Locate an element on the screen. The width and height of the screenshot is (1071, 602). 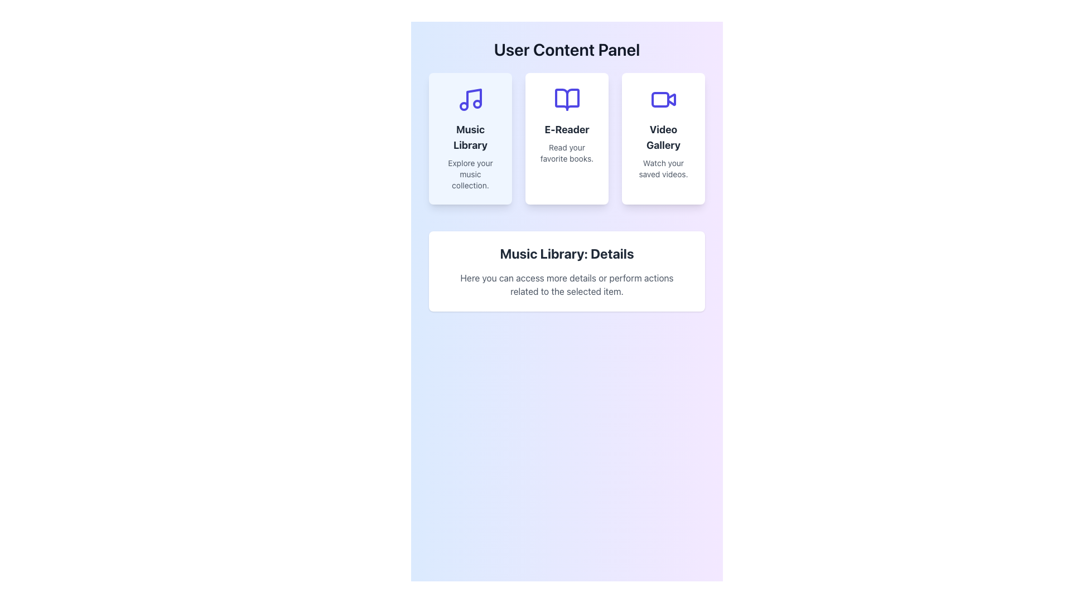
the Decorative icon located at the center-right of the video camera icon inside the 'Video Gallery' card, which is the right-most card in the top row is located at coordinates (670, 99).